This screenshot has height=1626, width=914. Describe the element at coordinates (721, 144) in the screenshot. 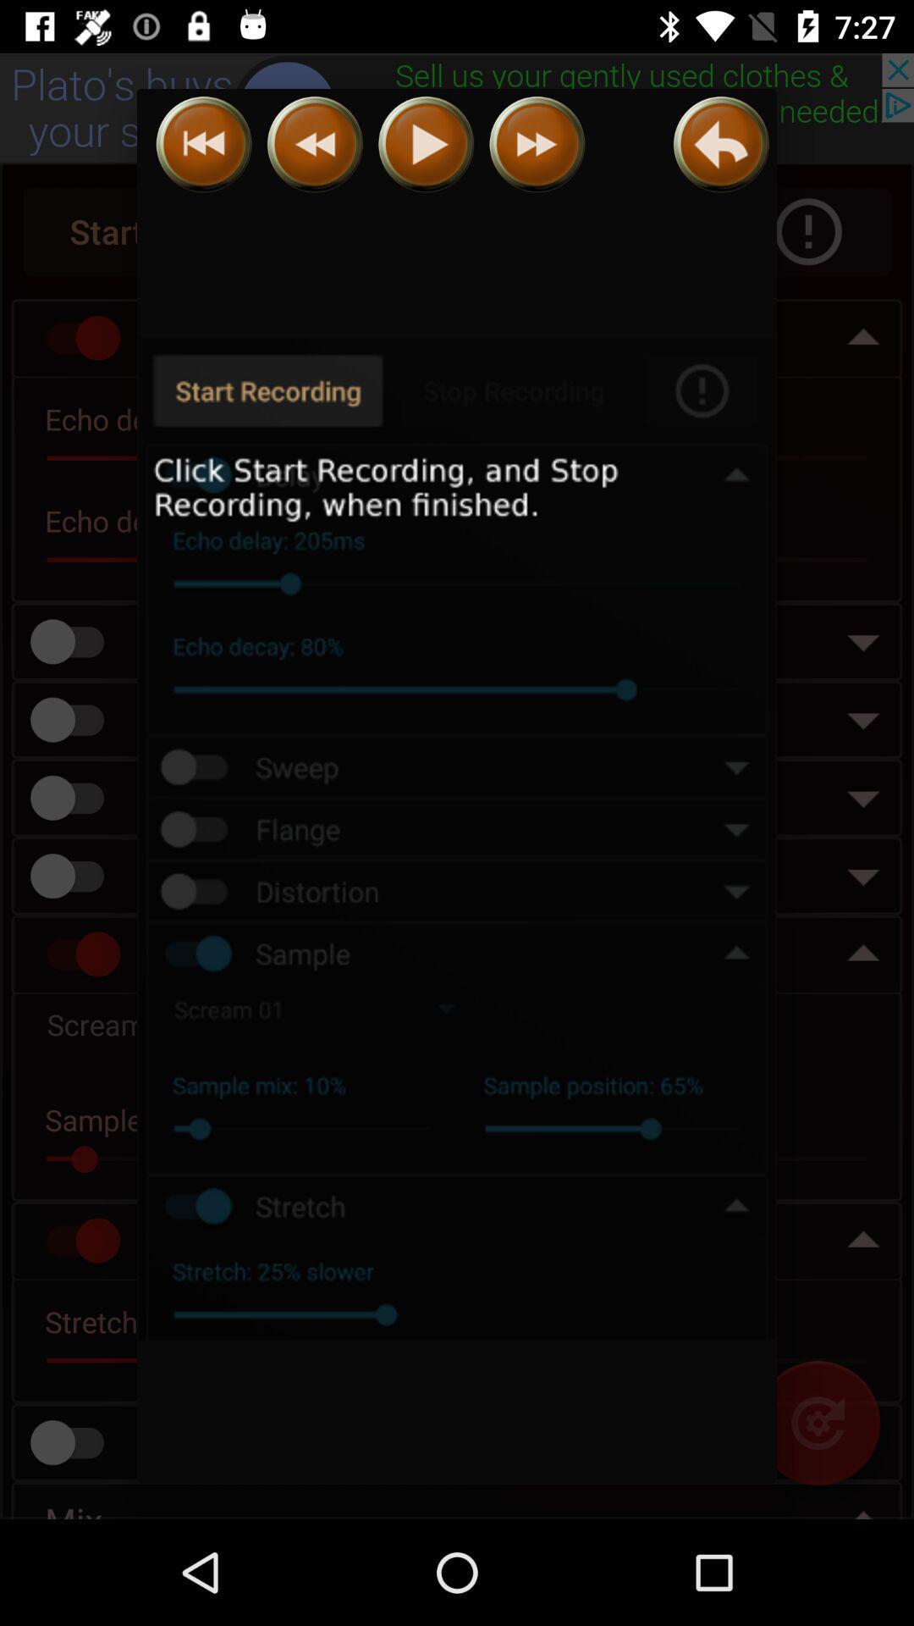

I see `back button` at that location.